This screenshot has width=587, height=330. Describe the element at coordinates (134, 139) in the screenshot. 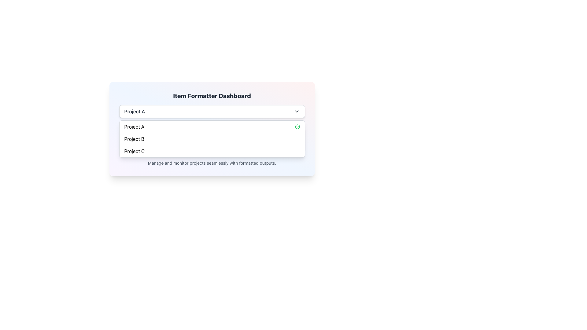

I see `the selectable dropdown item` at that location.